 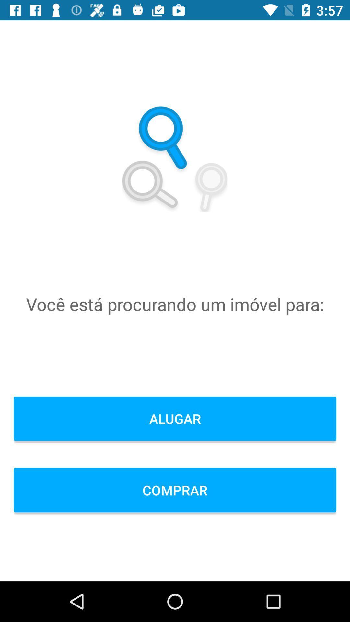 What do you see at coordinates (175, 419) in the screenshot?
I see `item above comprar icon` at bounding box center [175, 419].